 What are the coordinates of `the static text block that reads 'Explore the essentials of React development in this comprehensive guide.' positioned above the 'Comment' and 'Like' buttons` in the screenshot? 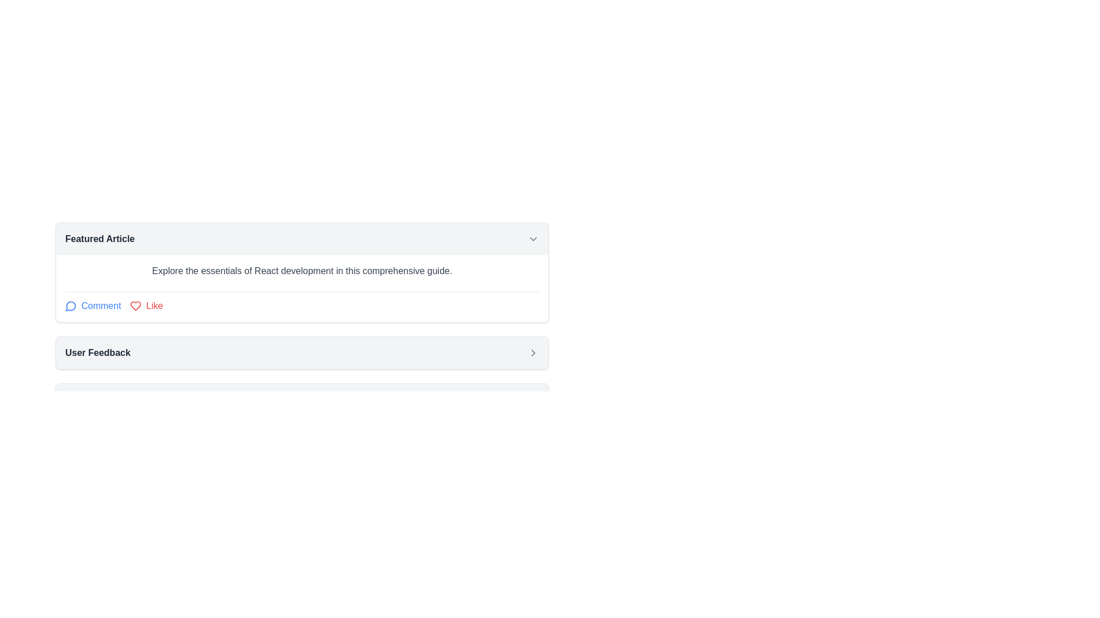 It's located at (302, 274).